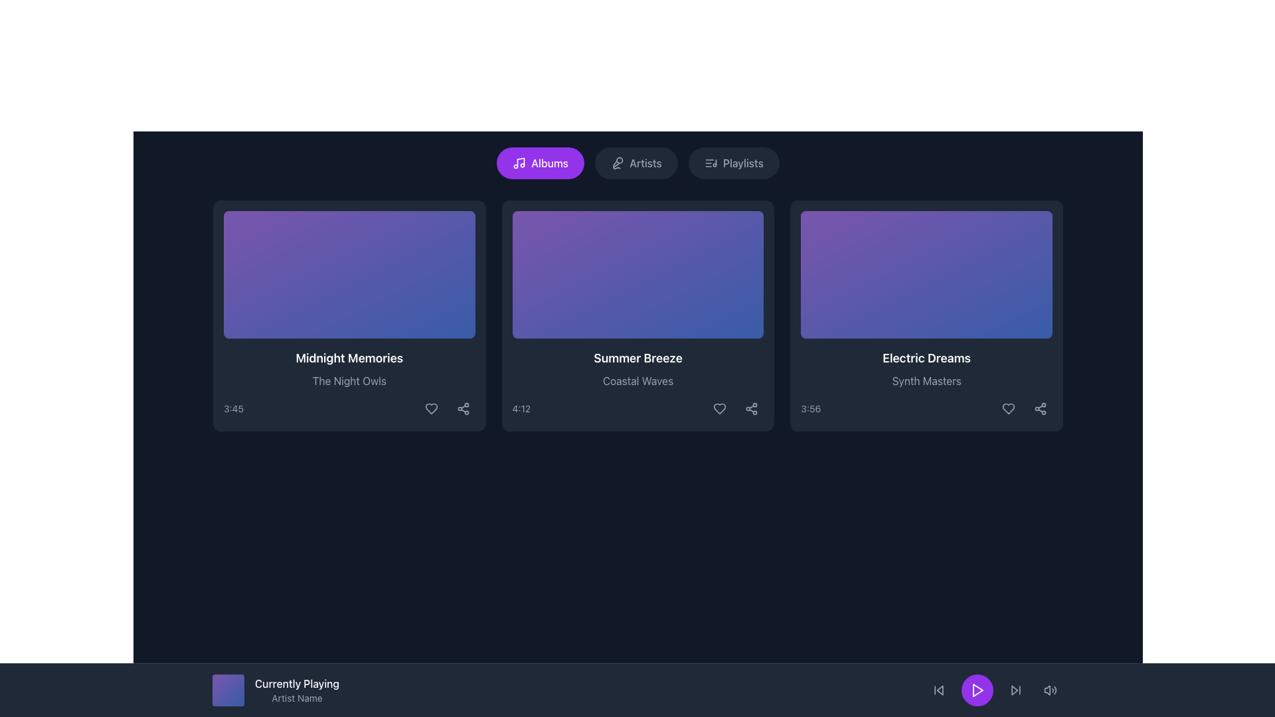  What do you see at coordinates (1039, 408) in the screenshot?
I see `the share-like icon button located at the bottom right corner of the 'Electric Dreams' card in the album grid` at bounding box center [1039, 408].